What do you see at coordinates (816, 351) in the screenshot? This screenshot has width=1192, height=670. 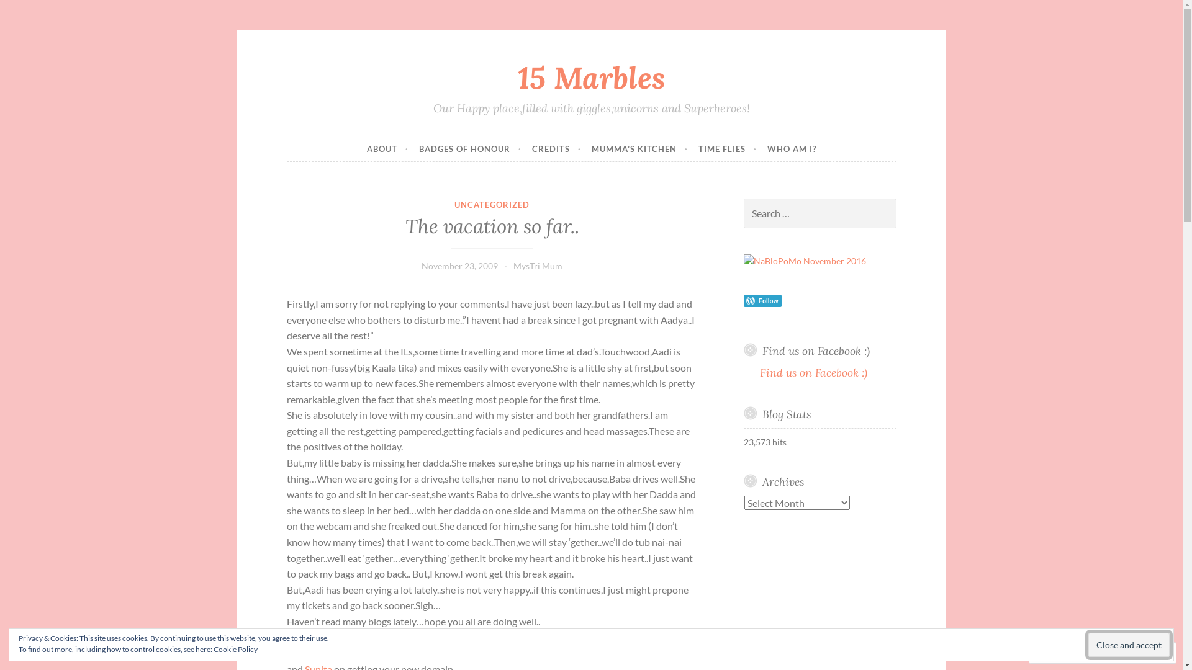 I see `'Find us on Facebook :)'` at bounding box center [816, 351].